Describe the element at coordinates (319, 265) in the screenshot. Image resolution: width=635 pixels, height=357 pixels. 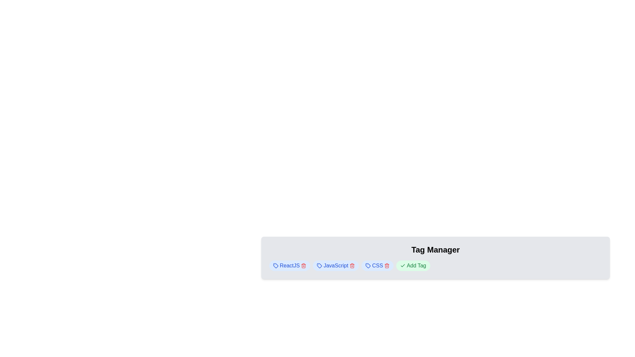
I see `tag-shaped icon representing the 'JavaScript' tag within the horizontal tag list using developer tools` at that location.